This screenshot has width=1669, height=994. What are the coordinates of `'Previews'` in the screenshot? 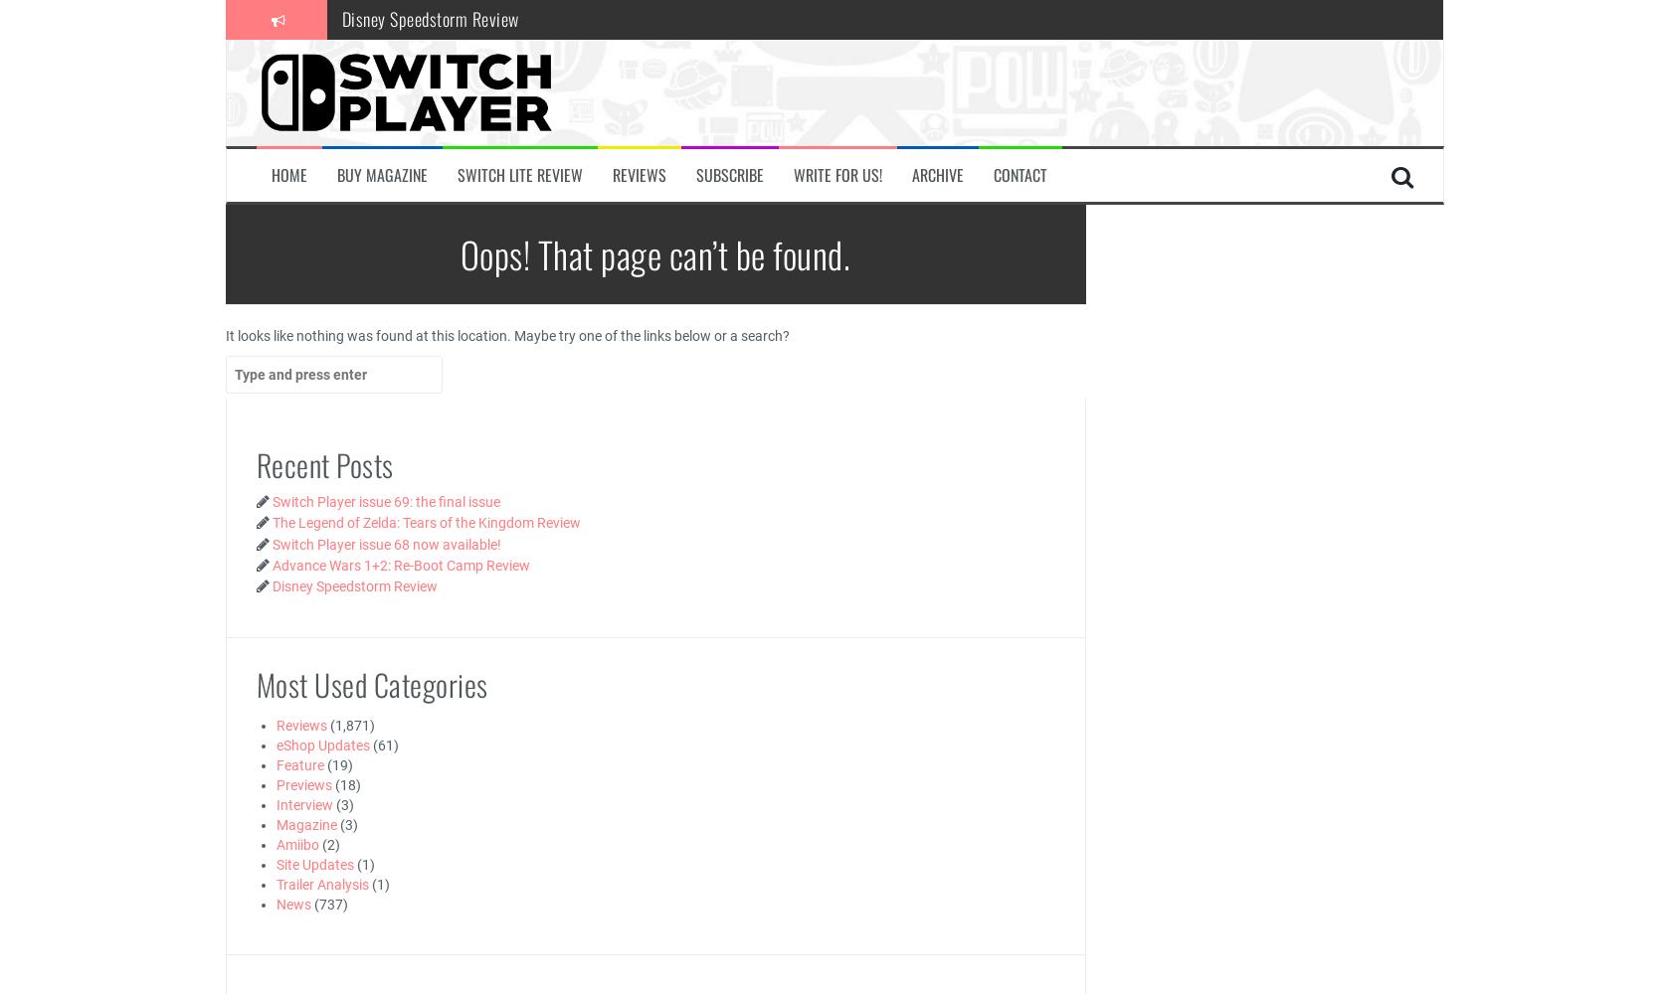 It's located at (303, 784).